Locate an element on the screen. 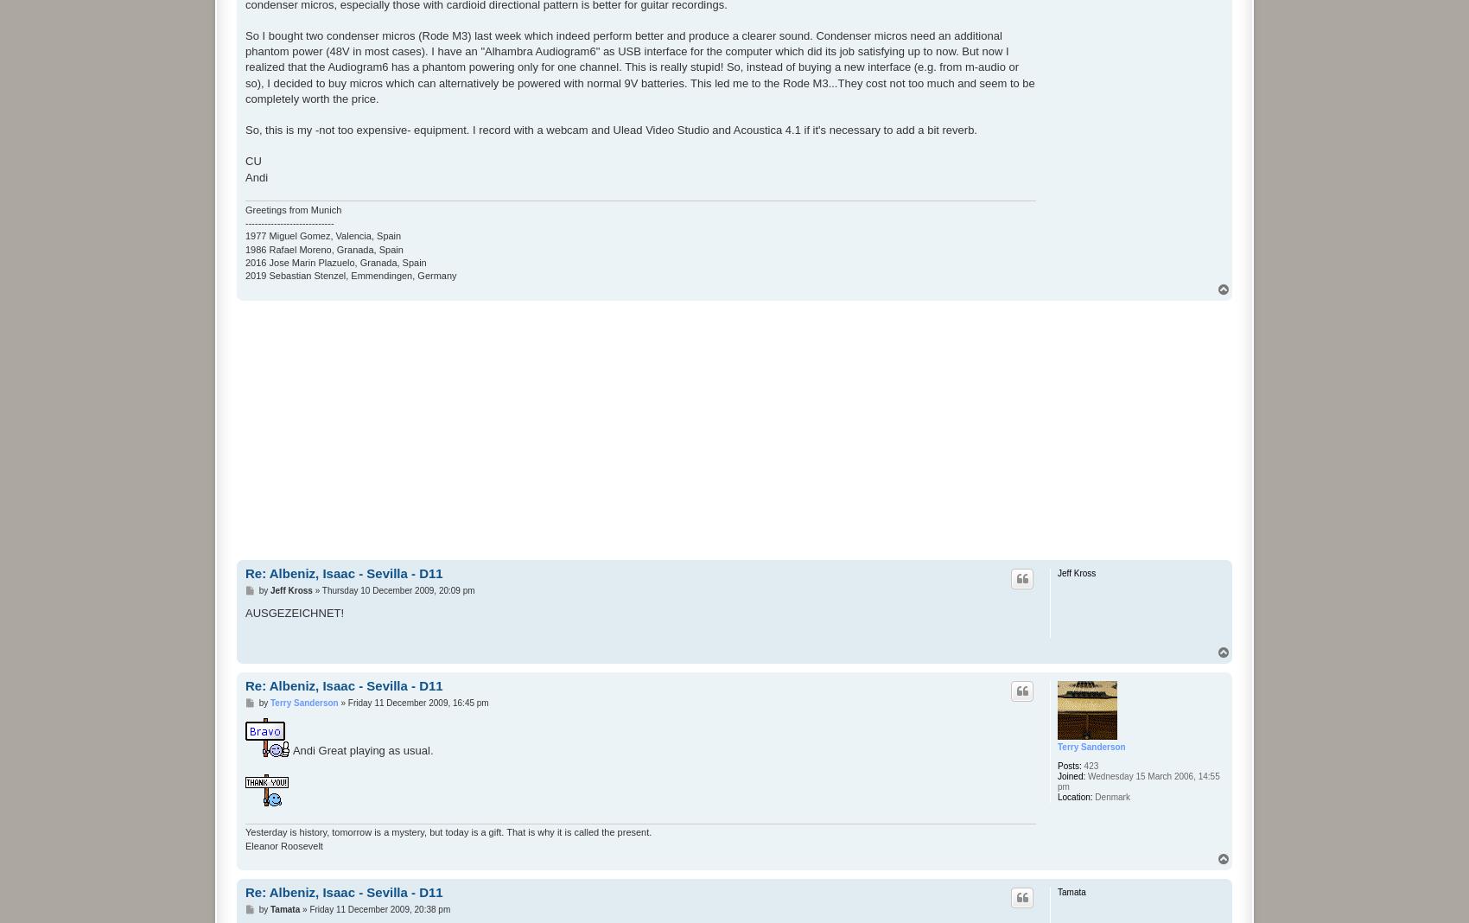 Image resolution: width=1469 pixels, height=923 pixels. 'Andi  Great playing as usual.' is located at coordinates (360, 749).